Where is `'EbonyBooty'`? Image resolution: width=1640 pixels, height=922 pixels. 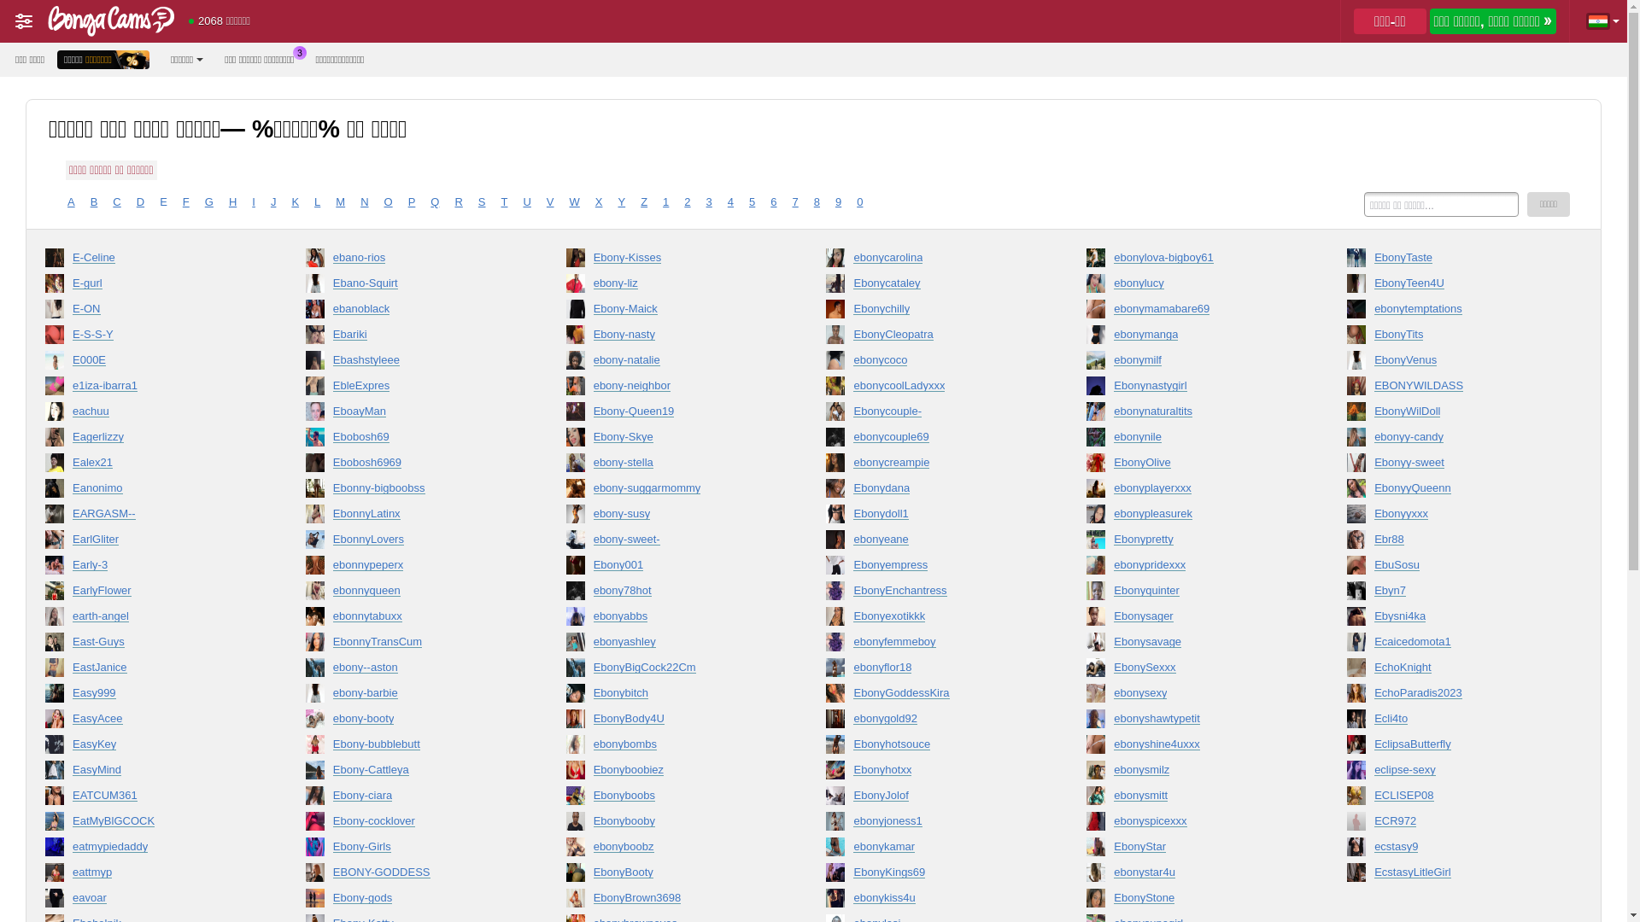 'EbonyBooty' is located at coordinates (671, 876).